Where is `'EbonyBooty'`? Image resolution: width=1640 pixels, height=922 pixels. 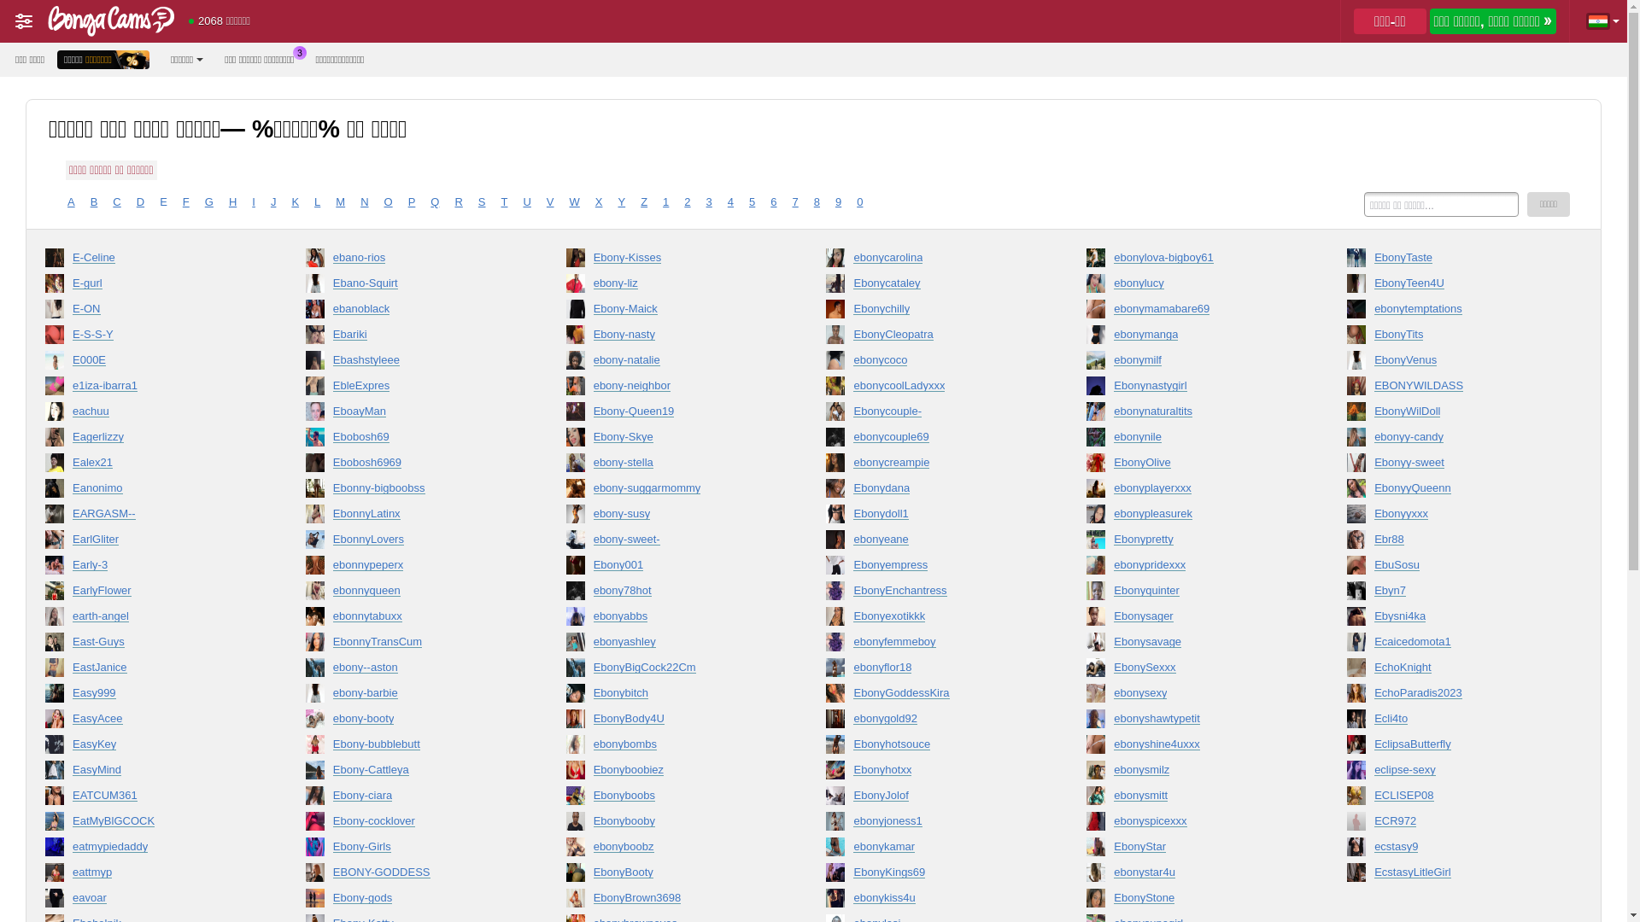 'EbonyBooty' is located at coordinates (671, 876).